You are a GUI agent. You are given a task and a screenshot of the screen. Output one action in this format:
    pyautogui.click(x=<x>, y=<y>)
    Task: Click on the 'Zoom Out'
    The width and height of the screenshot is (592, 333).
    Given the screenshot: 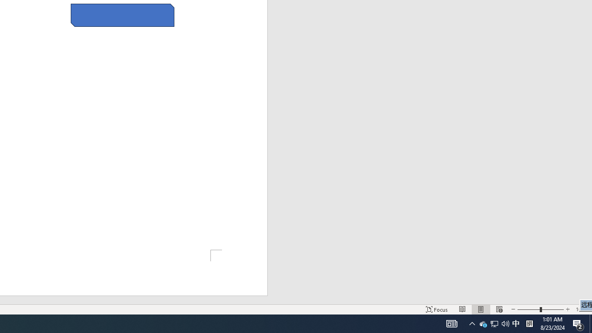 What is the action you would take?
    pyautogui.click(x=529, y=309)
    